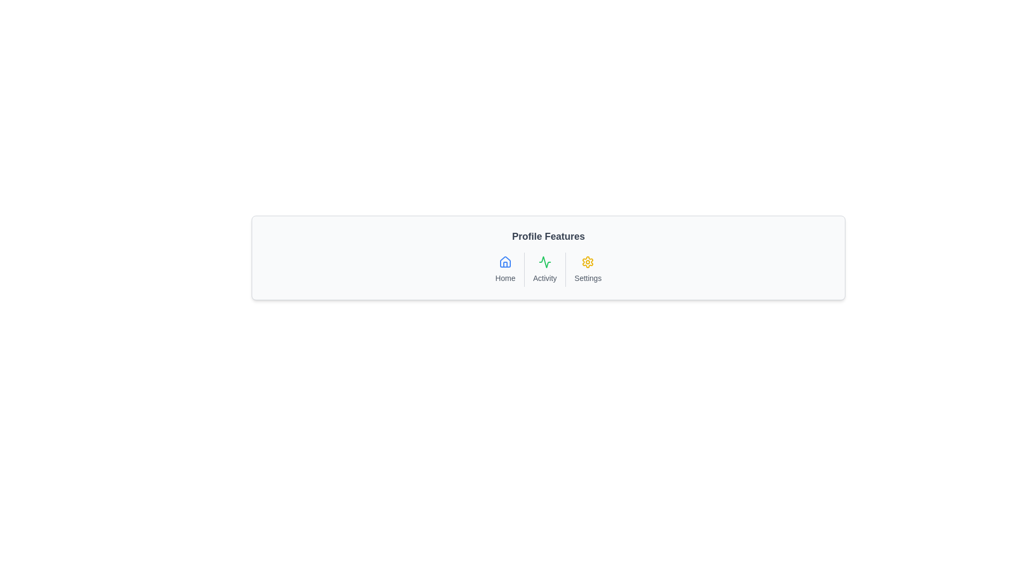 The height and width of the screenshot is (578, 1028). What do you see at coordinates (545, 262) in the screenshot?
I see `the green heartbeat wave icon positioned in the middle row of three icons, specifically the second icon from the left, below the 'Profile Features' text` at bounding box center [545, 262].